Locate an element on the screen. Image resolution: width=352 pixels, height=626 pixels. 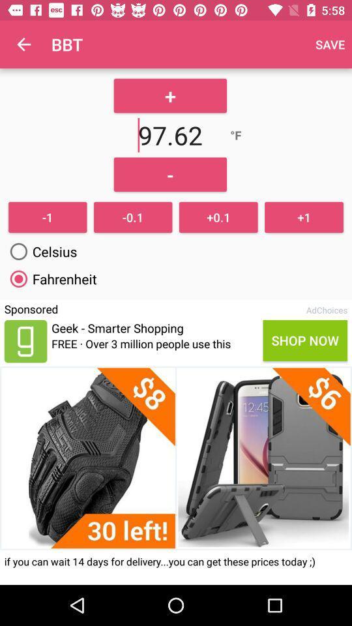
geek is located at coordinates (25, 340).